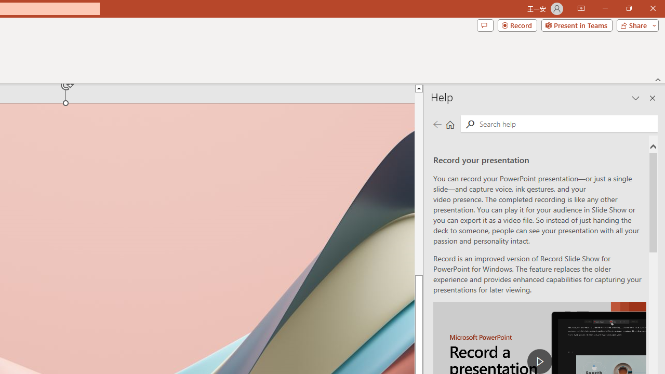  I want to click on 'Close pane', so click(652, 98).